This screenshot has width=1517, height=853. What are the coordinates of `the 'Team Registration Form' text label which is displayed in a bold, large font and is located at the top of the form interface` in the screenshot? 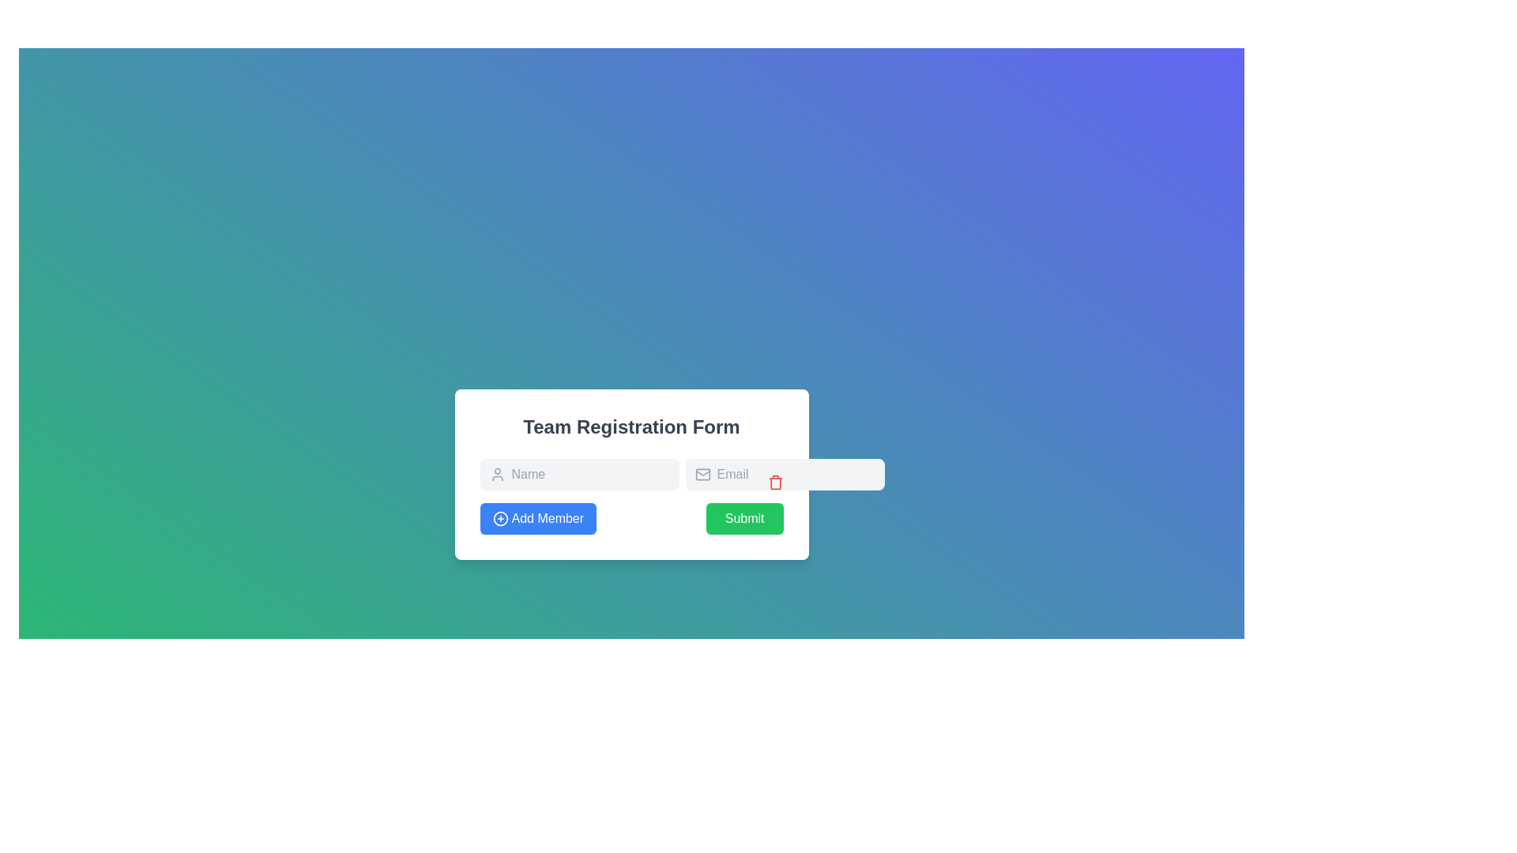 It's located at (631, 426).